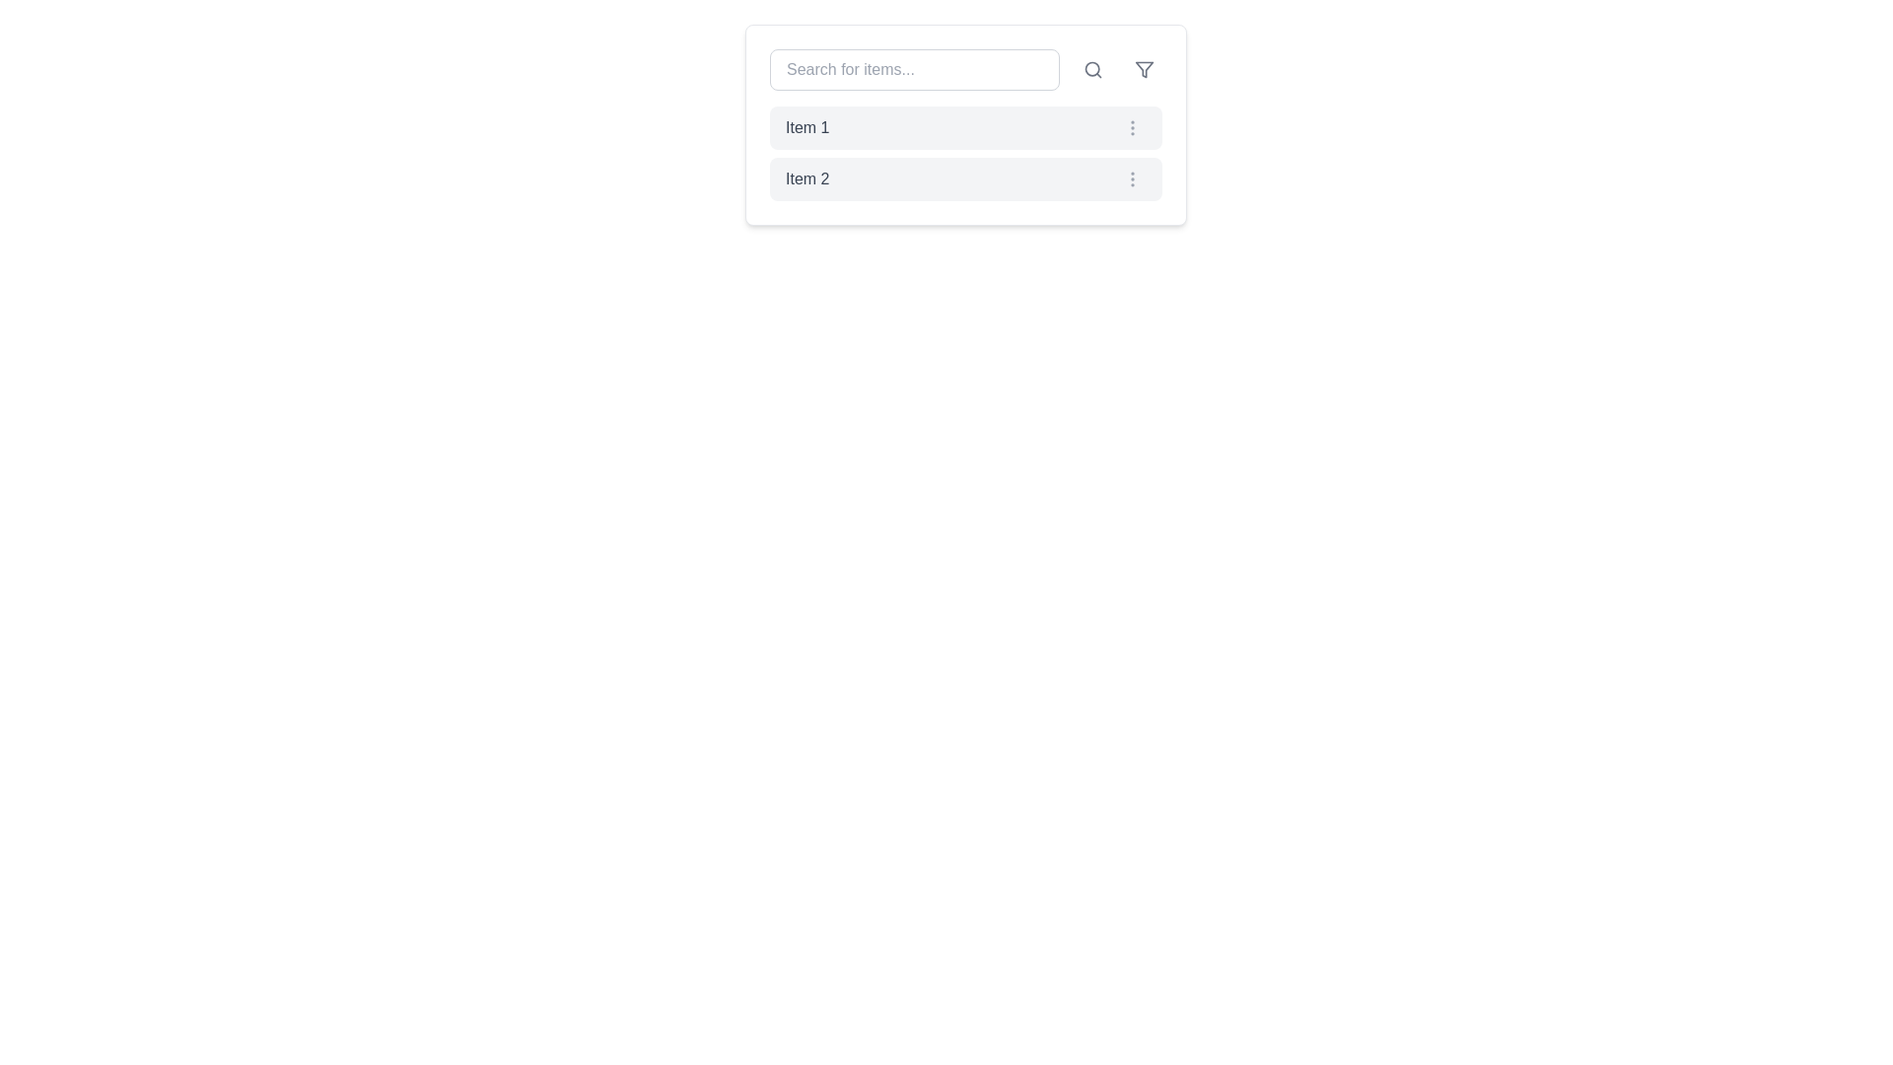 The height and width of the screenshot is (1065, 1893). Describe the element at coordinates (1091, 68) in the screenshot. I see `the small circular search icon with a minimalist line design located next to the text input box to initiate search` at that location.